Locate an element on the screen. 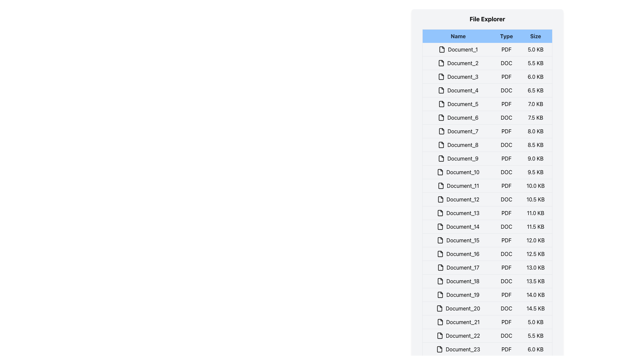 The width and height of the screenshot is (639, 359). the file icon representing 'Document_6' in the 'File Explorer' interface, which is a monochrome document with a folded corner, located in the 'Name' column is located at coordinates (441, 117).